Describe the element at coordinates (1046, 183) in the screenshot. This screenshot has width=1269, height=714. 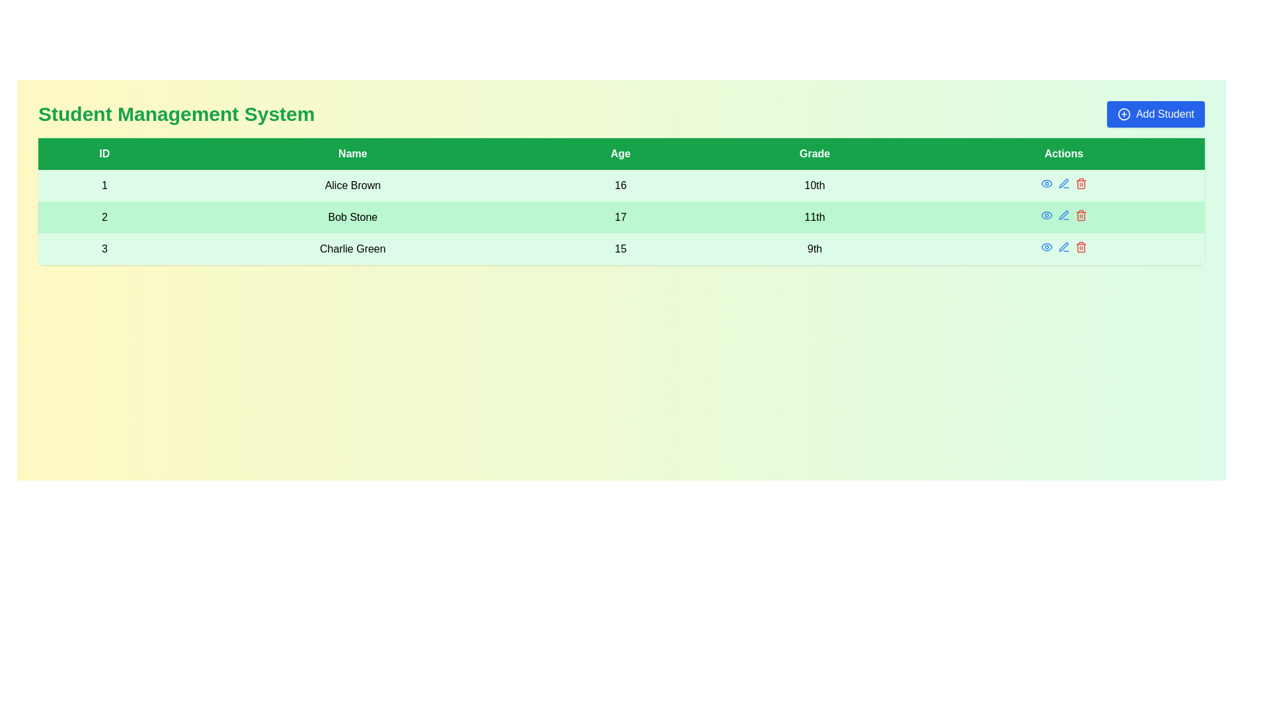
I see `the blue eye-shaped button in the 'Actions' column corresponding to the student 'Bob Stone'` at that location.